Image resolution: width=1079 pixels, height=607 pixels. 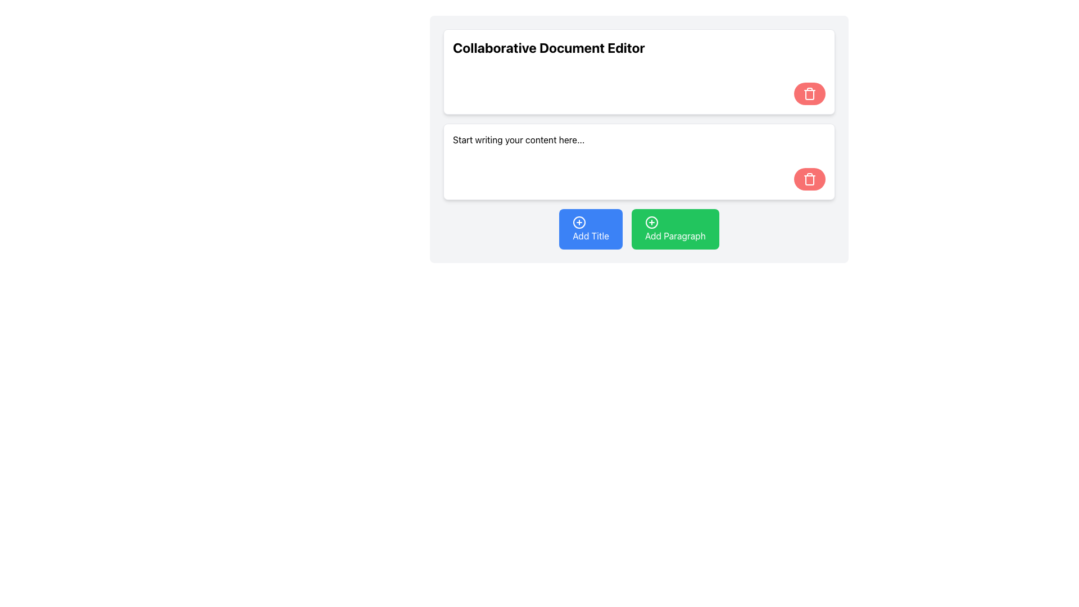 I want to click on the button labeled 'Add Paragraph' which contains the icon for adding a paragraph, so click(x=651, y=223).